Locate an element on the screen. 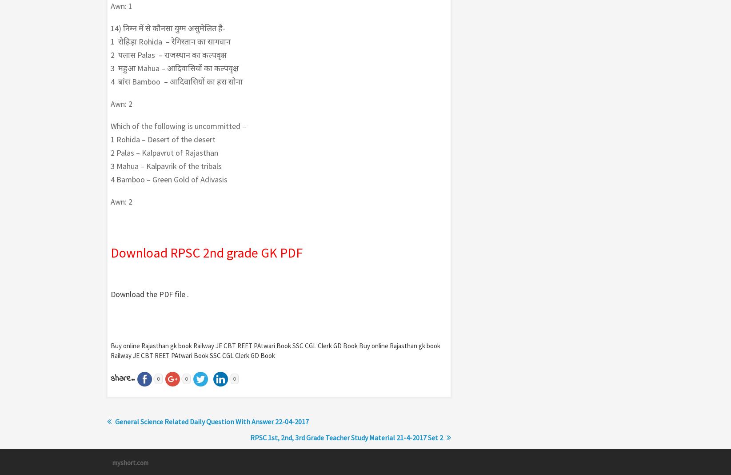  'myshort.com' is located at coordinates (130, 462).